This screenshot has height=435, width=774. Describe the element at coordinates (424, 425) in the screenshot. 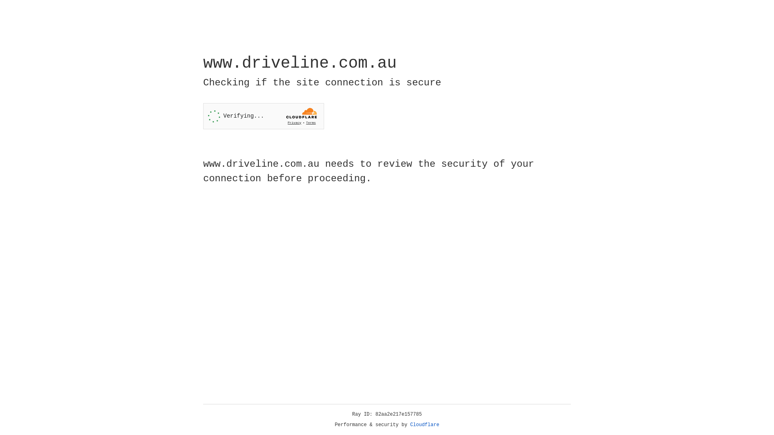

I see `'Cloudflare'` at that location.